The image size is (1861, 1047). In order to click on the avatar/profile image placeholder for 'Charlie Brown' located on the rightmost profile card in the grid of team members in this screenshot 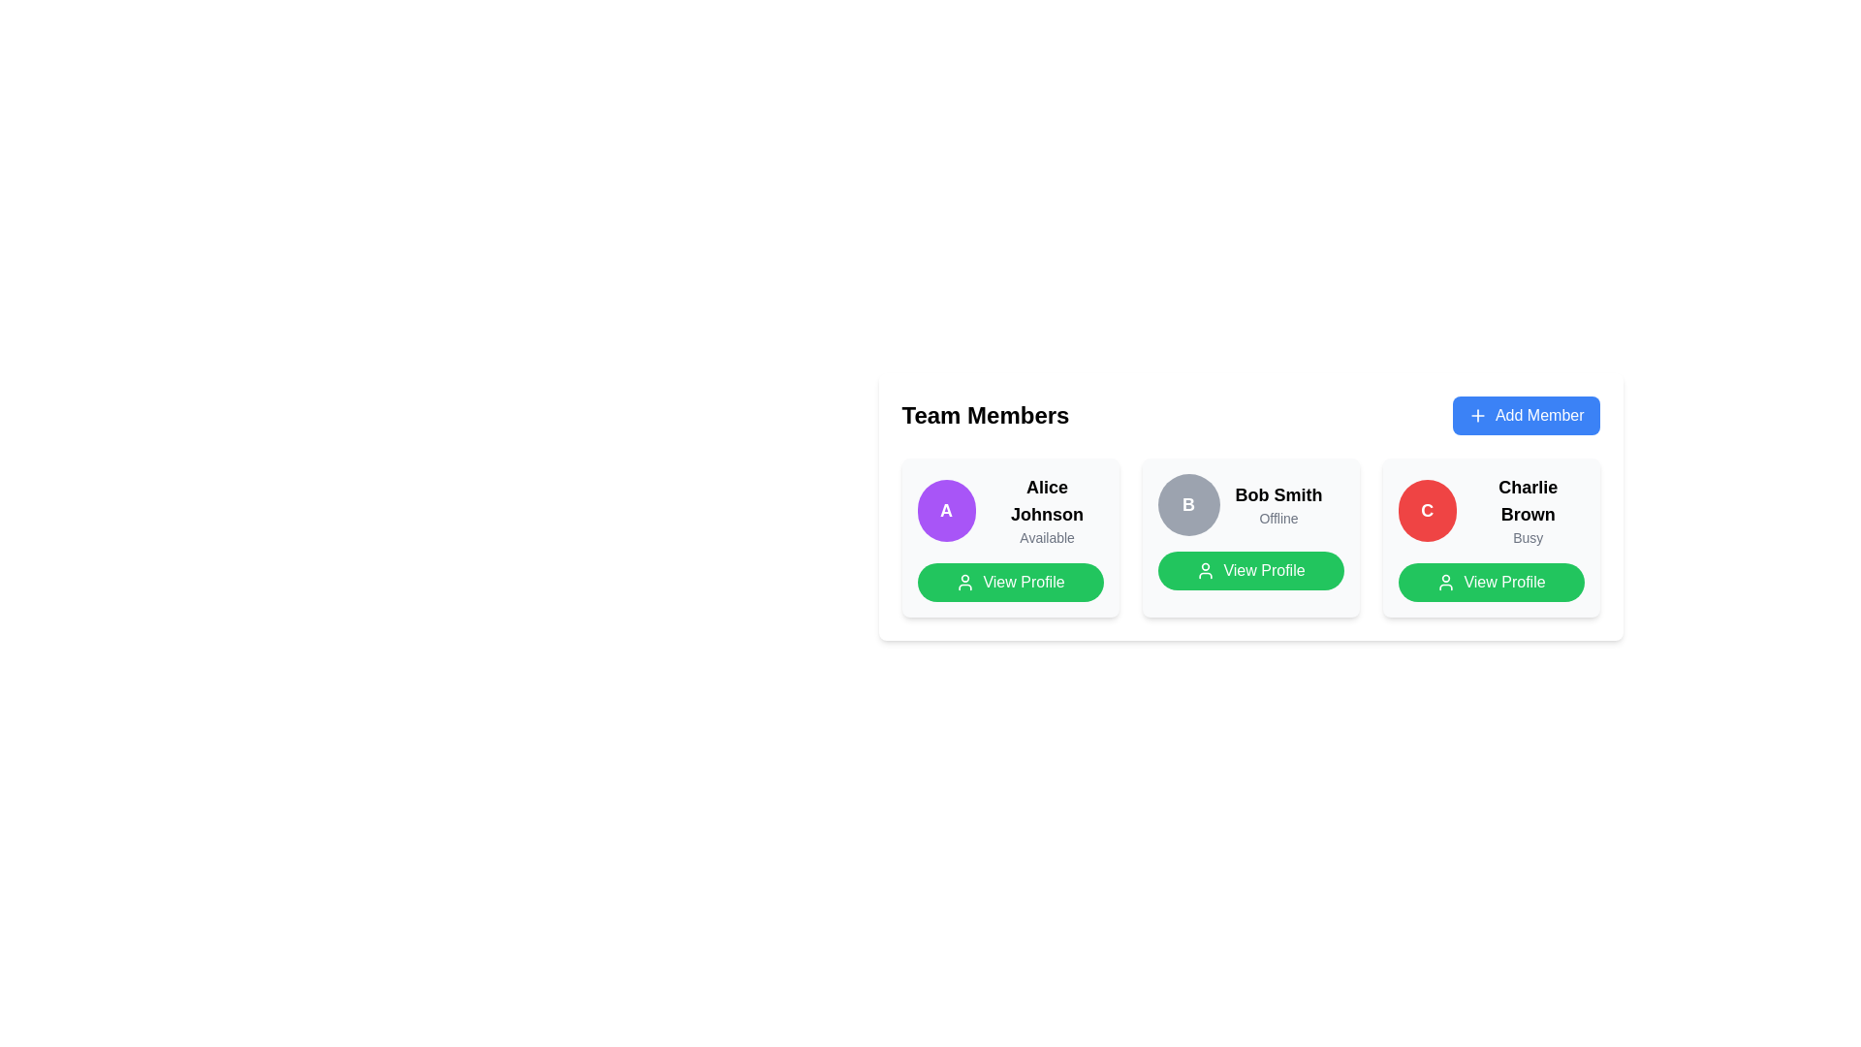, I will do `click(1427, 510)`.